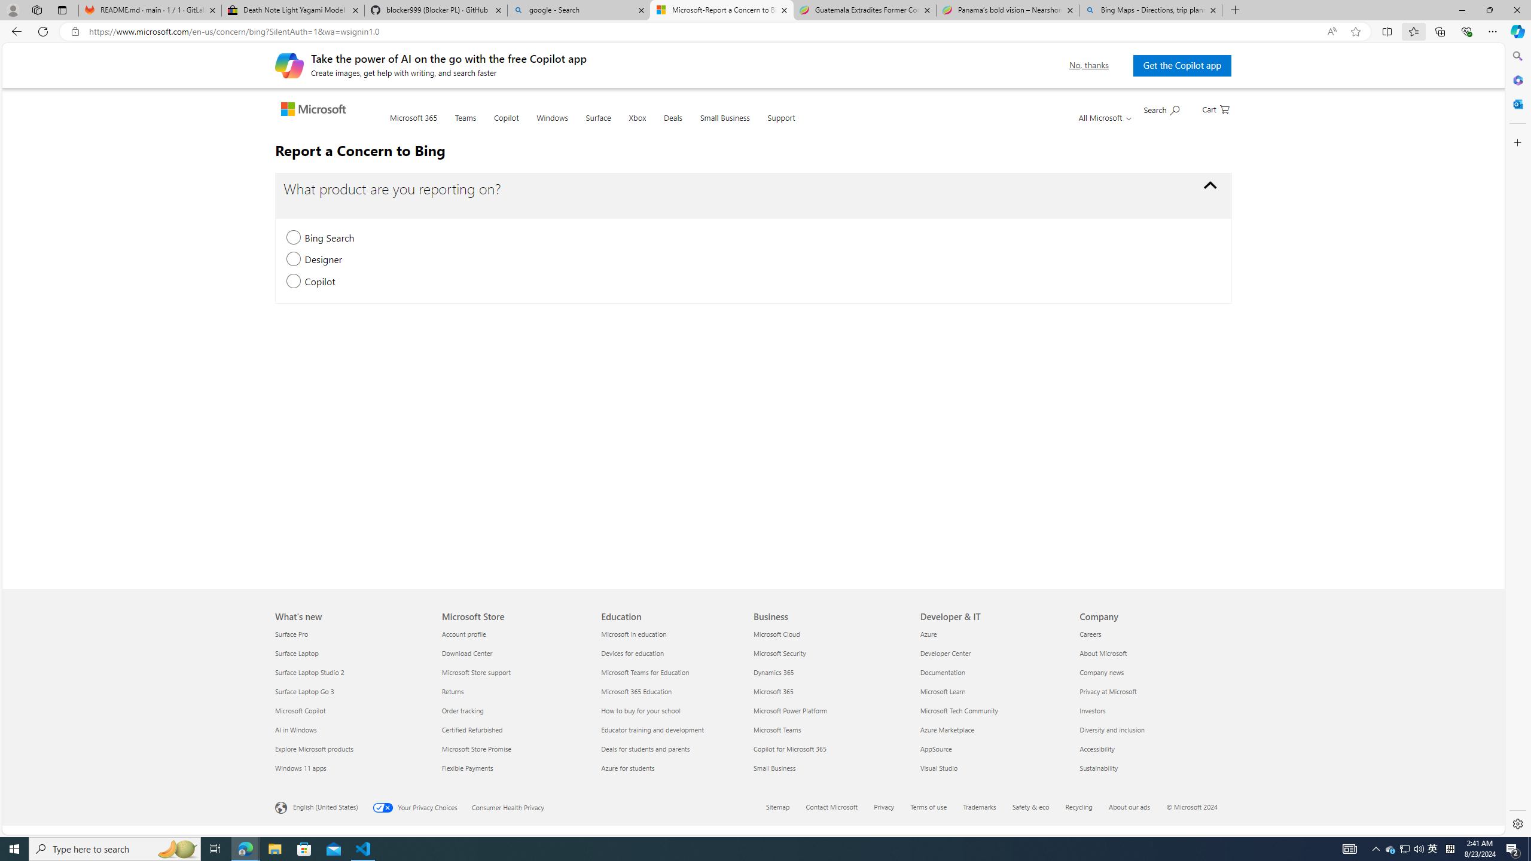 The width and height of the screenshot is (1531, 861). I want to click on 'About Microsoft Company', so click(1102, 652).